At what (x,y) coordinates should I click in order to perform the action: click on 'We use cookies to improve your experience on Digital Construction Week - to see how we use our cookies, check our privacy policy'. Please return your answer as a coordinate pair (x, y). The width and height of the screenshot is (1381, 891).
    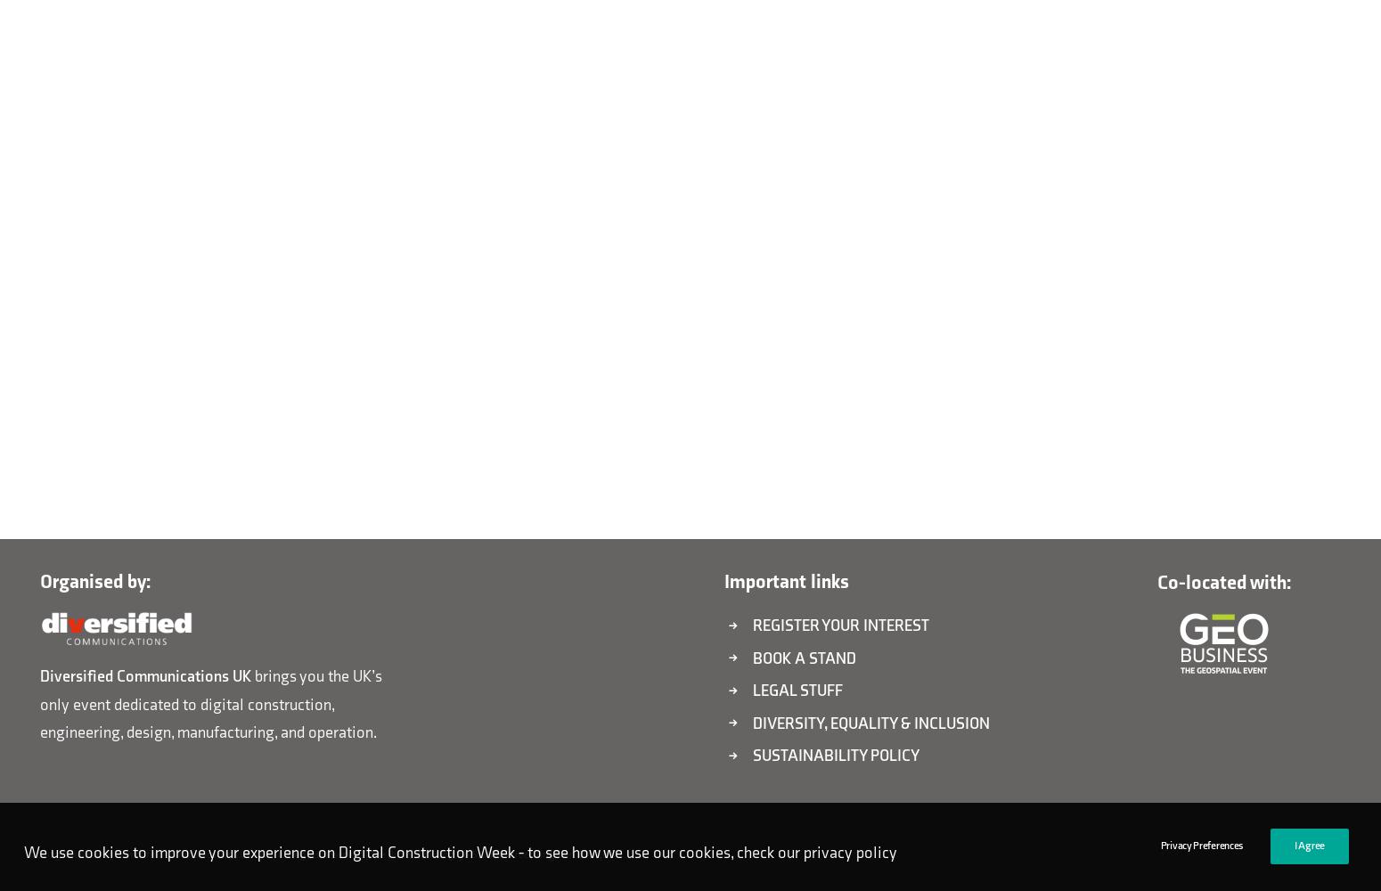
    Looking at the image, I should click on (459, 851).